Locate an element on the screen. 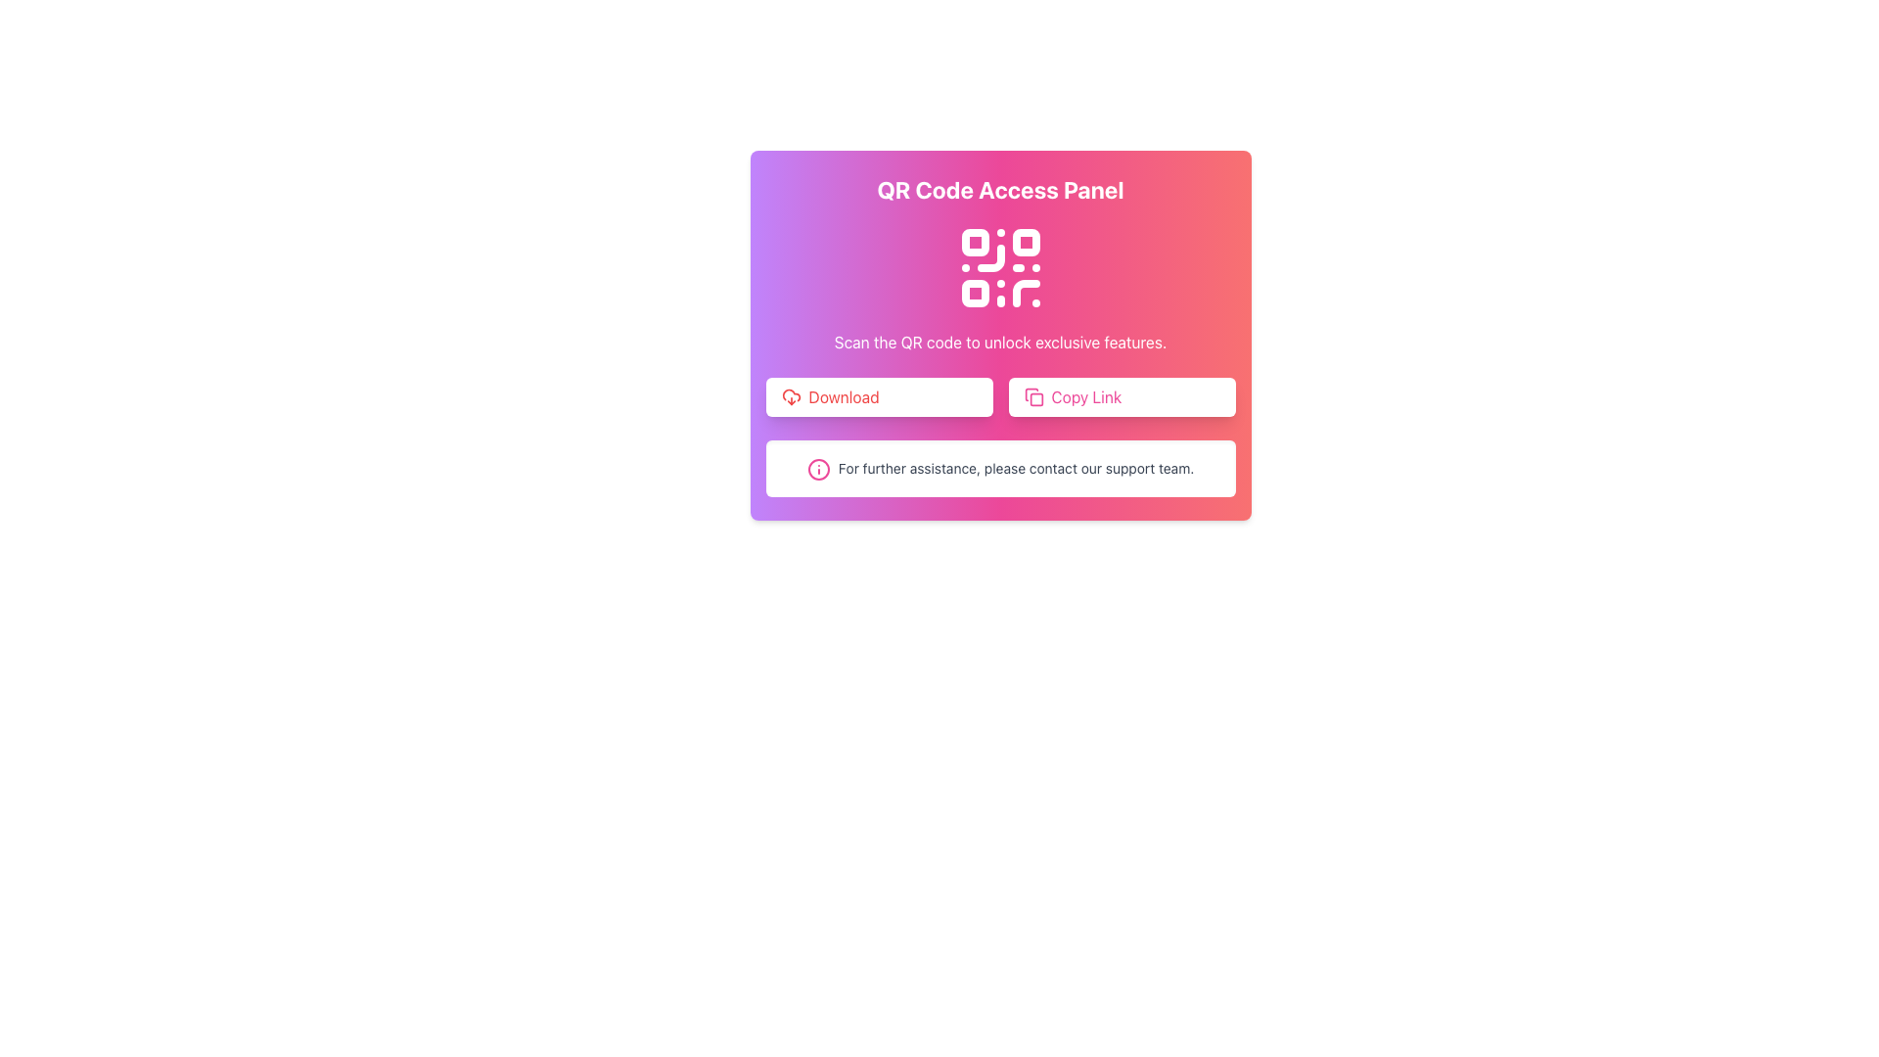 The width and height of the screenshot is (1879, 1057). the circular marker of the information icon located to the left of the text 'For further assistance, please contact our support team.' in the bottom section of the pink-gradient panel is located at coordinates (818, 469).